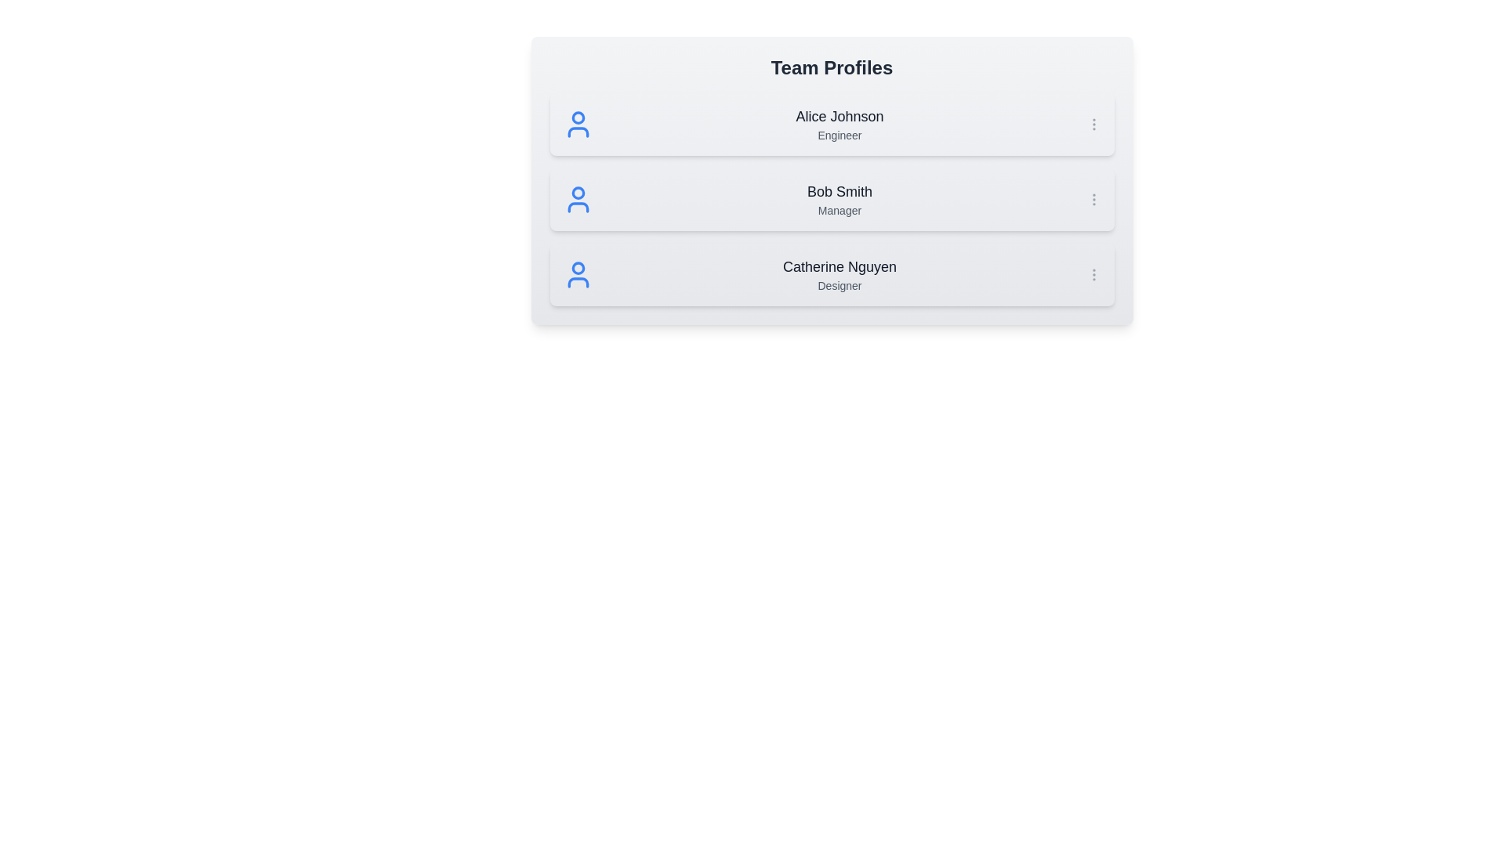 Image resolution: width=1505 pixels, height=846 pixels. I want to click on the 'MoreVertical' button of the profile corresponding to Alice Johnson, so click(1093, 123).